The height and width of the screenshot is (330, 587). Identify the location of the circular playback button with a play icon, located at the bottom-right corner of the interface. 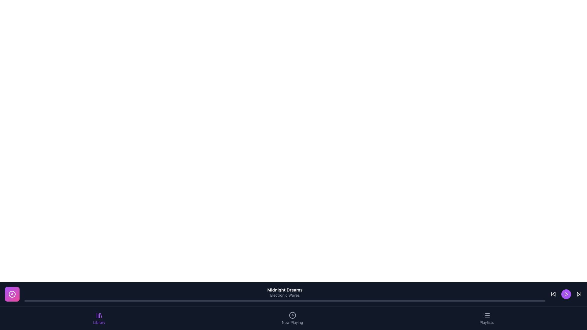
(566, 294).